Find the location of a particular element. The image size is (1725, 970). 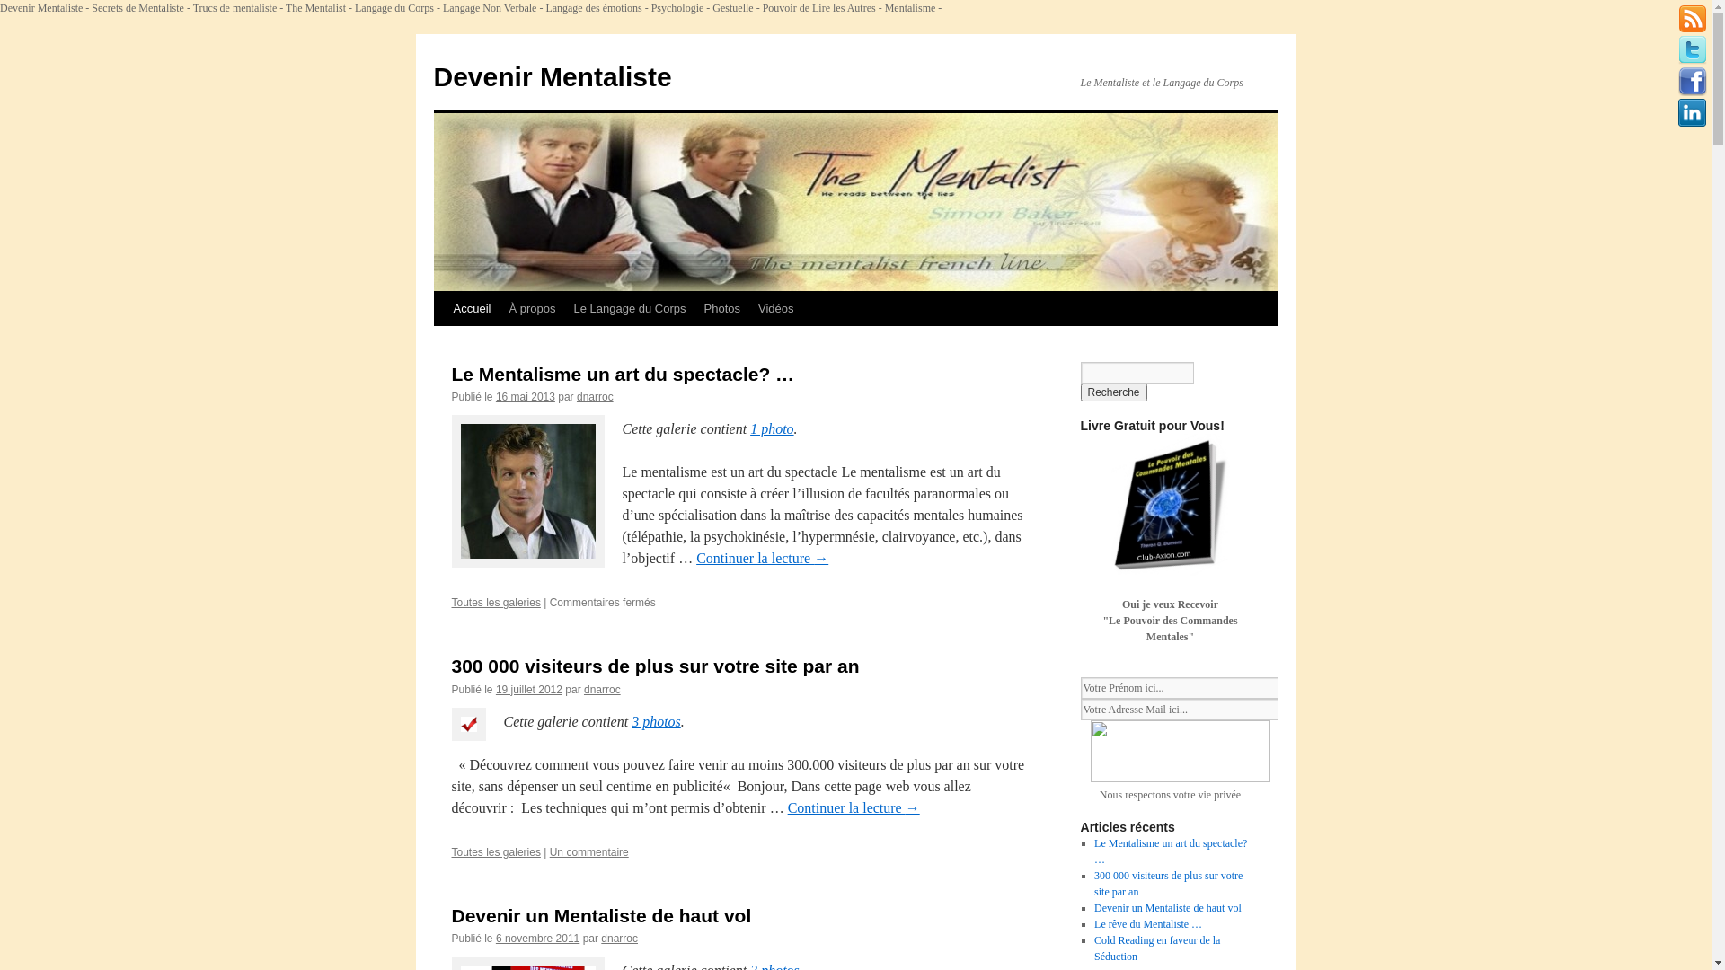

'Devenir un Mentaliste de haut vol' is located at coordinates (1168, 907).